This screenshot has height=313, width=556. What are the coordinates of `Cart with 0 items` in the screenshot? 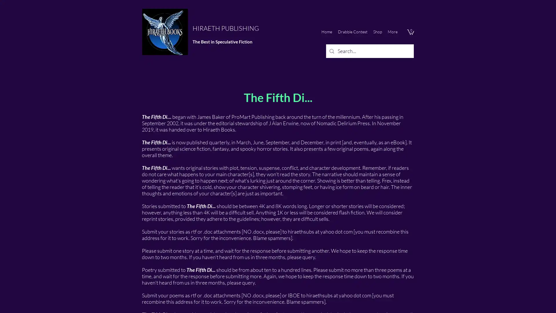 It's located at (410, 32).